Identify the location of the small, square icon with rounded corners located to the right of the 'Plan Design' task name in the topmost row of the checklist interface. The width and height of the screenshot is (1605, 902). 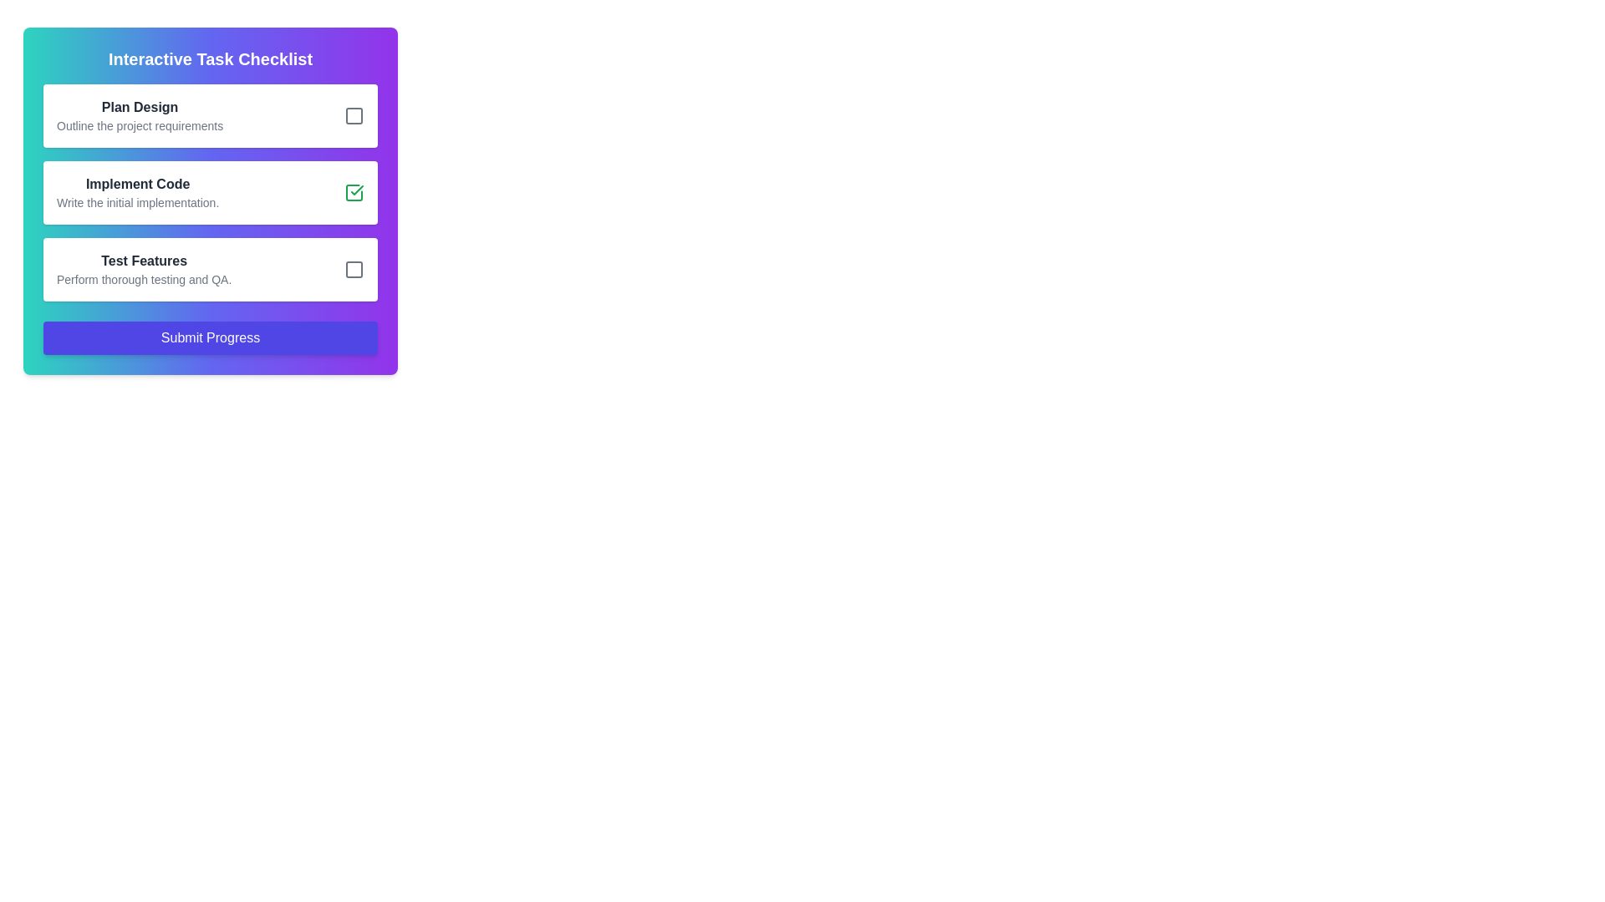
(353, 114).